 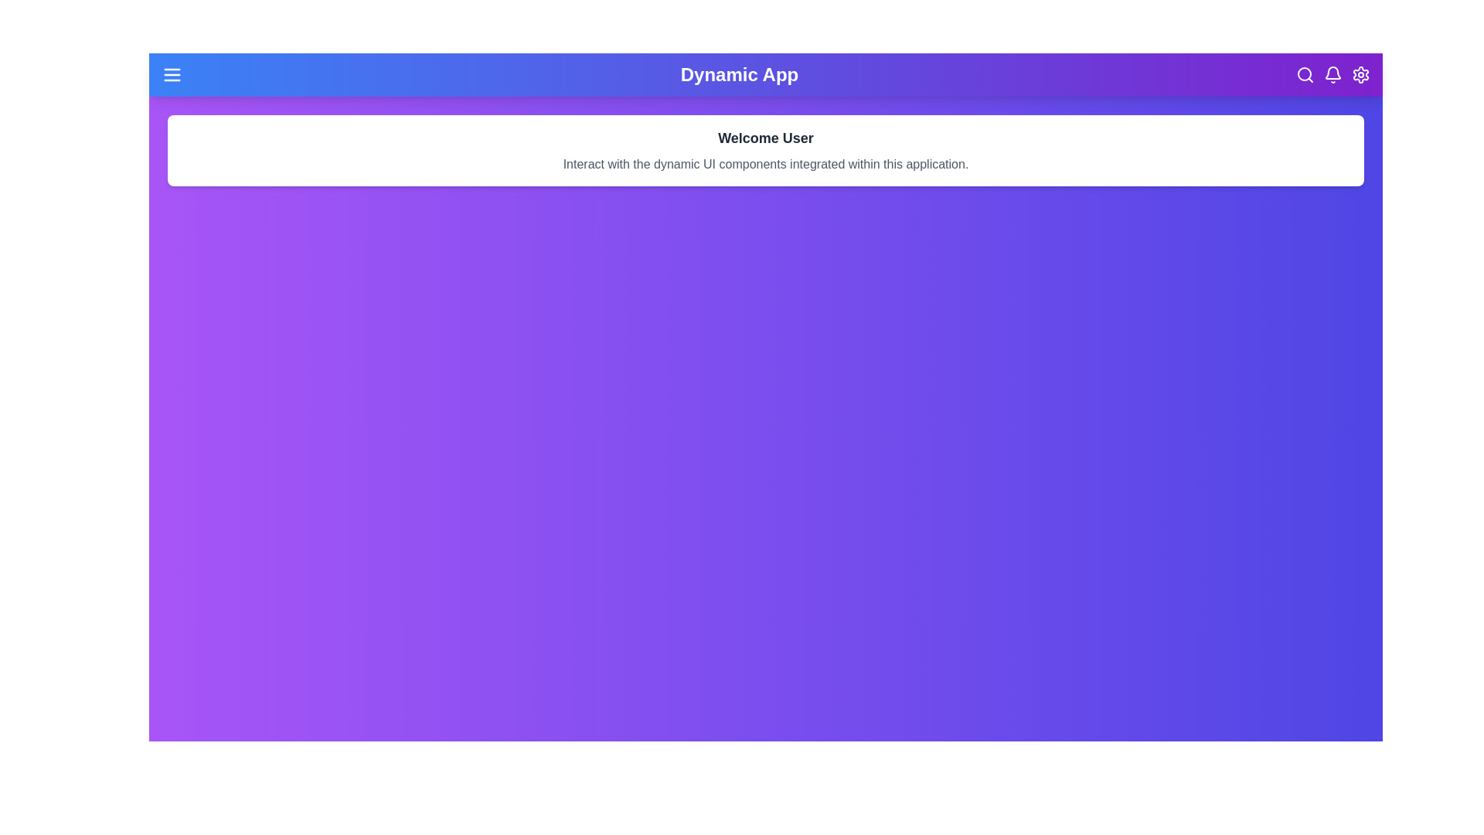 I want to click on the menu button to toggle the navigation options, so click(x=172, y=74).